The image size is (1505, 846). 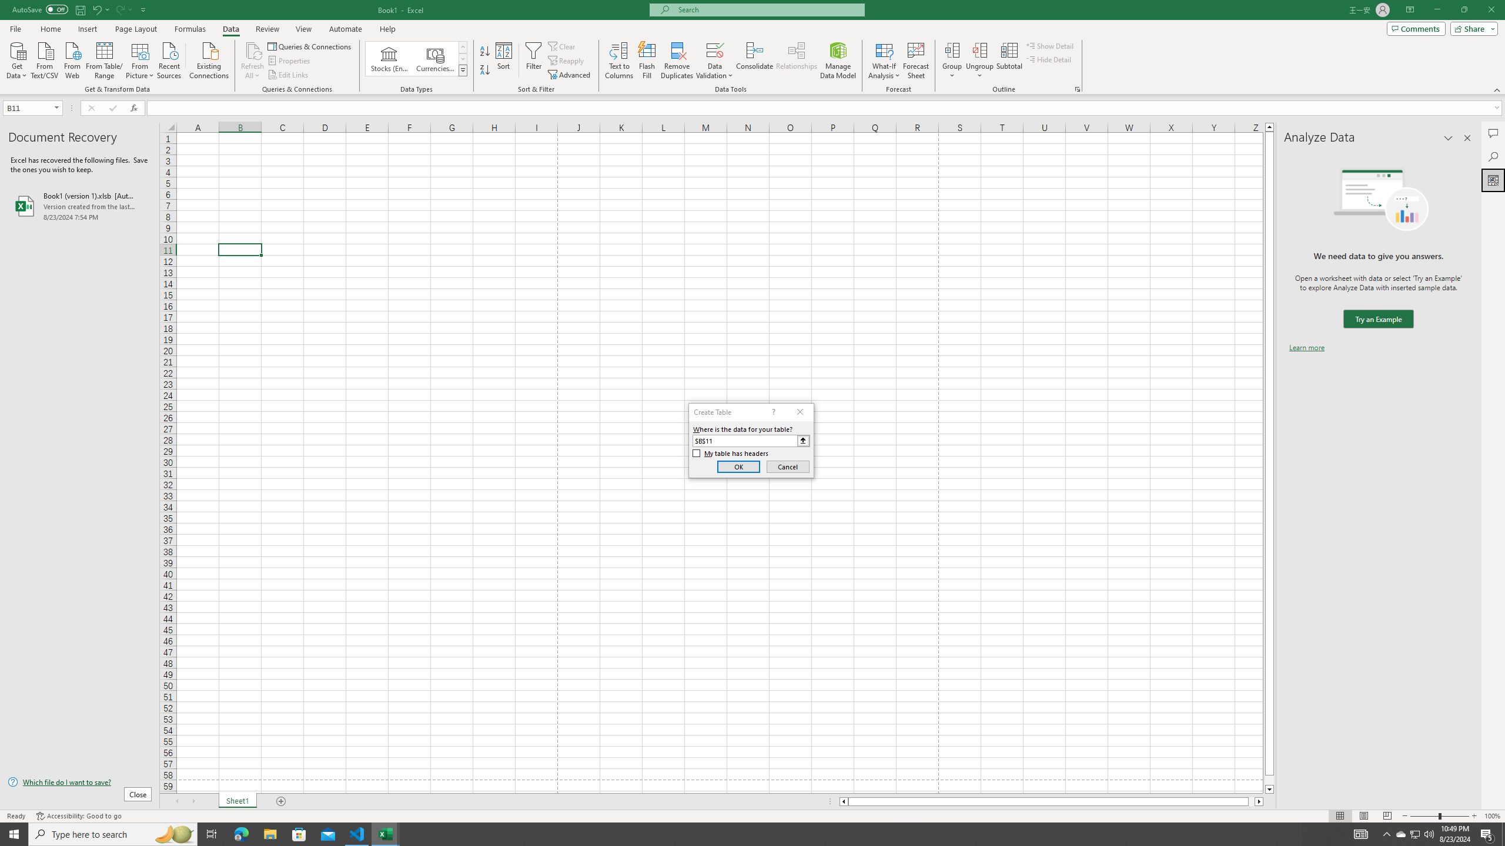 What do you see at coordinates (884, 61) in the screenshot?
I see `'What-If Analysis'` at bounding box center [884, 61].